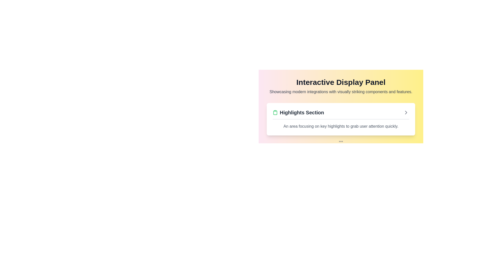  I want to click on the right-pointing chevron icon, which is styled with a thin outline and gray color, located next to the 'Highlights Section' title, so click(406, 112).